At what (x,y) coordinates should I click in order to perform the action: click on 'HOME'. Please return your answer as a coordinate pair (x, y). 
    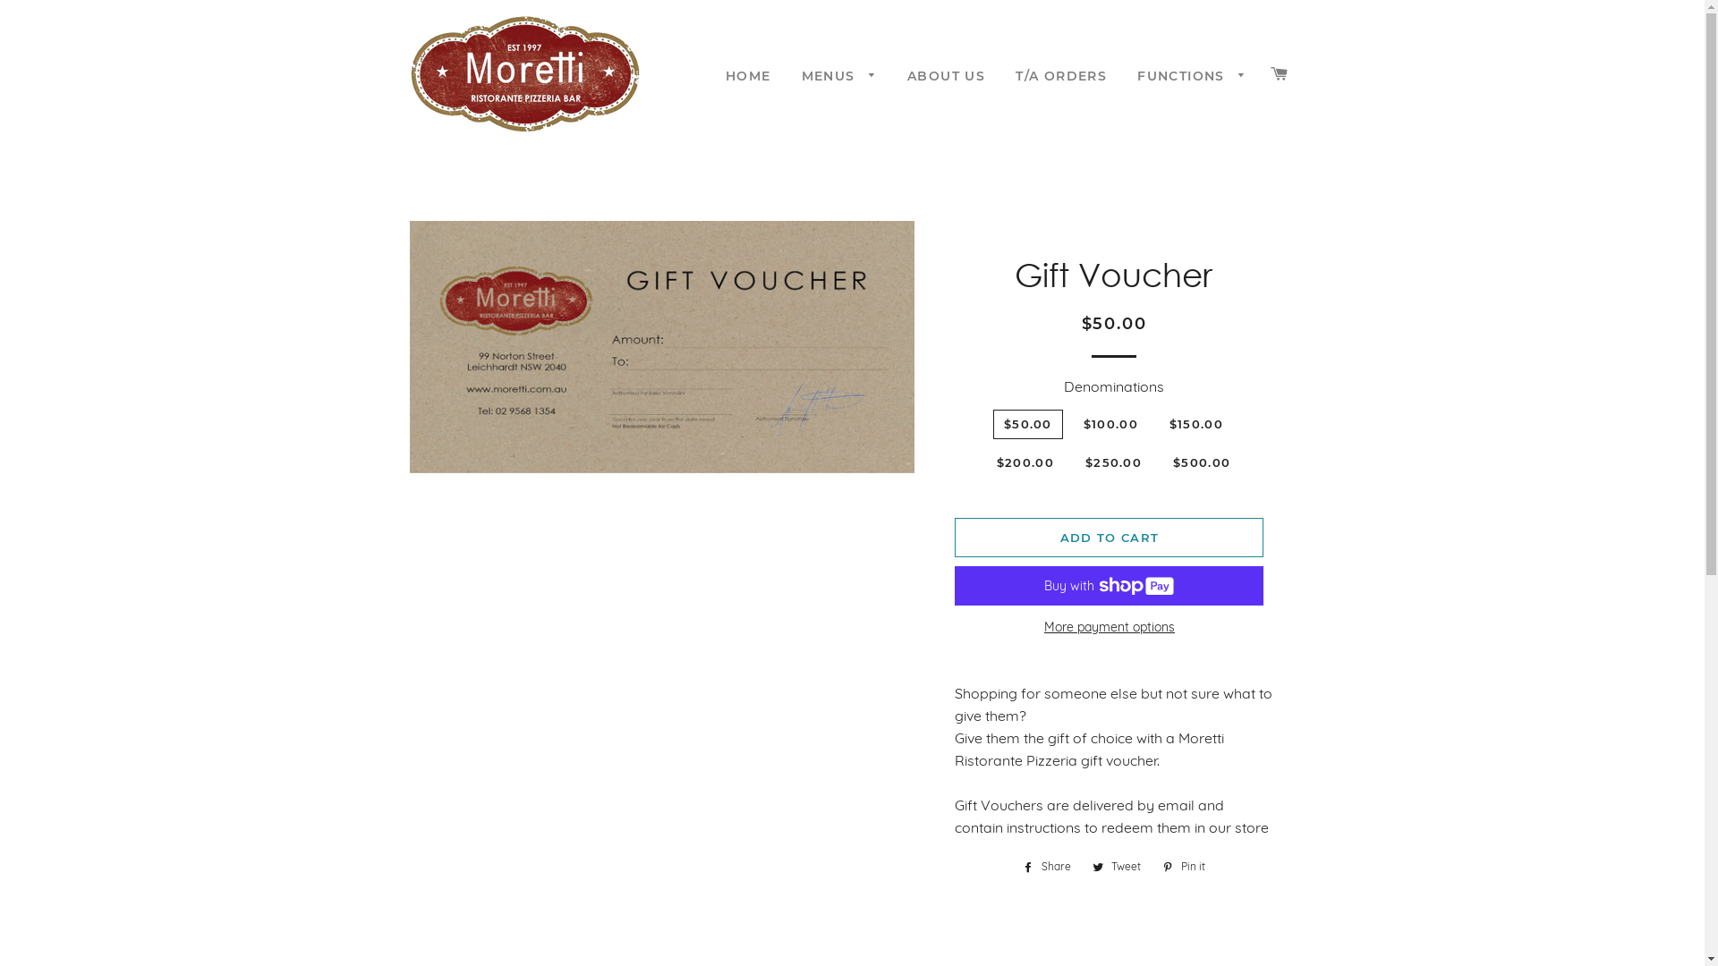
    Looking at the image, I should click on (748, 75).